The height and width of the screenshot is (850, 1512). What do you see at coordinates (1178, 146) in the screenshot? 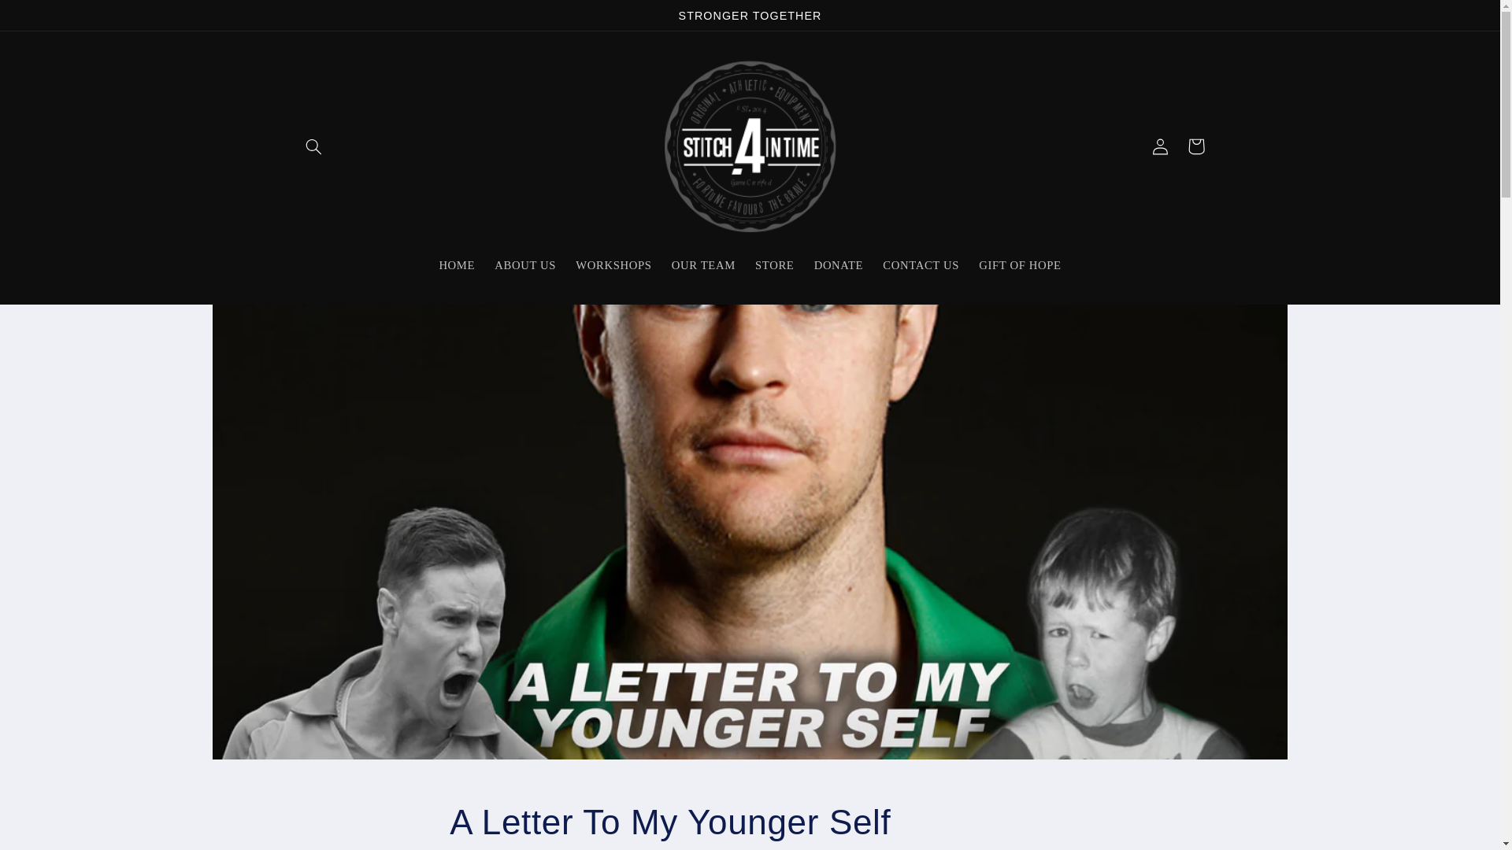
I see `'Cart'` at bounding box center [1178, 146].